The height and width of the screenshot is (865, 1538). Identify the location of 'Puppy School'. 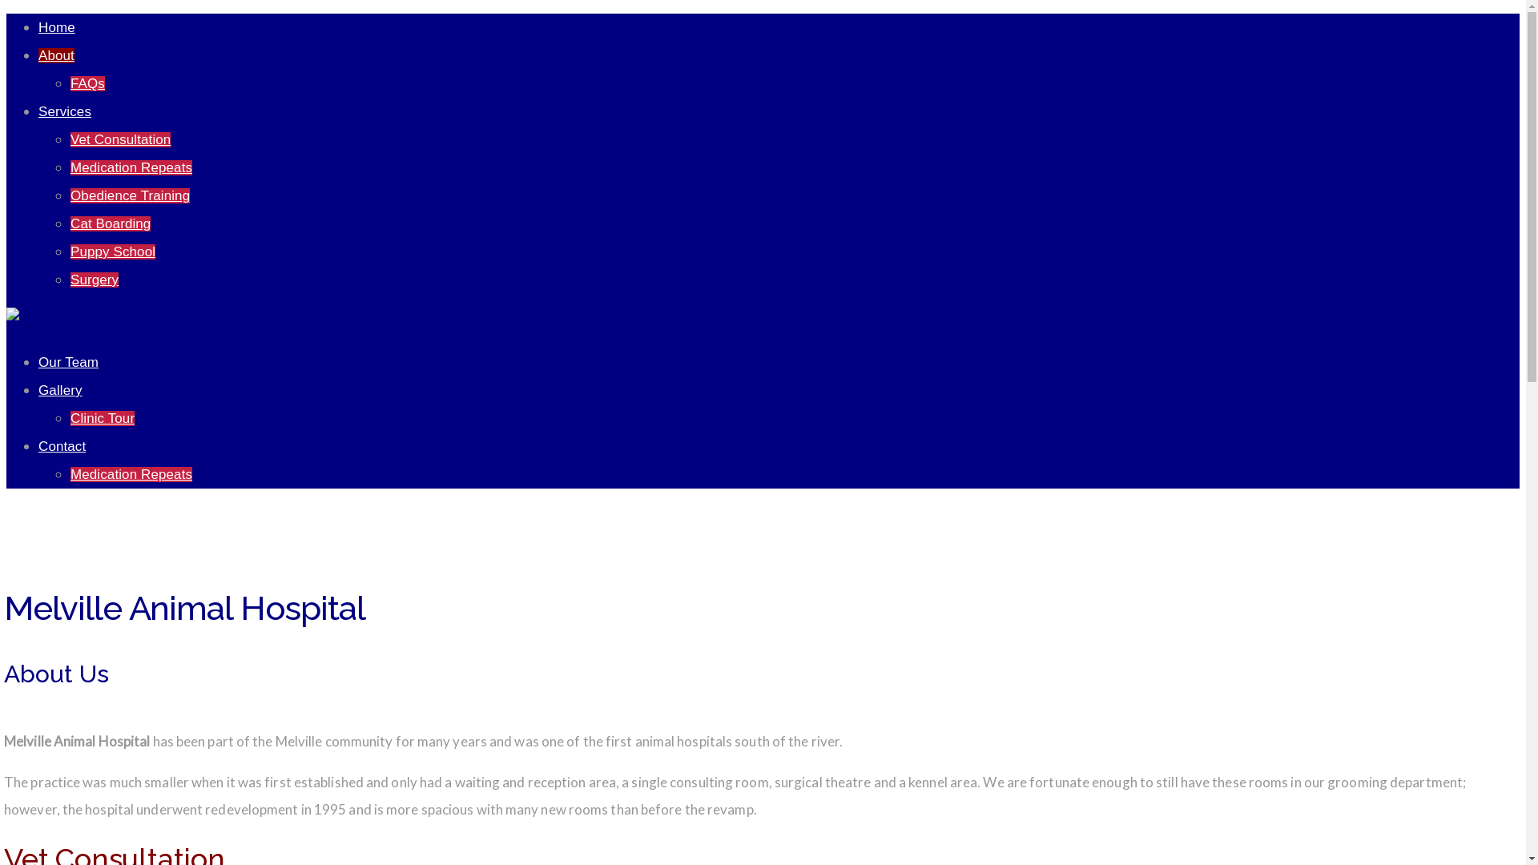
(111, 251).